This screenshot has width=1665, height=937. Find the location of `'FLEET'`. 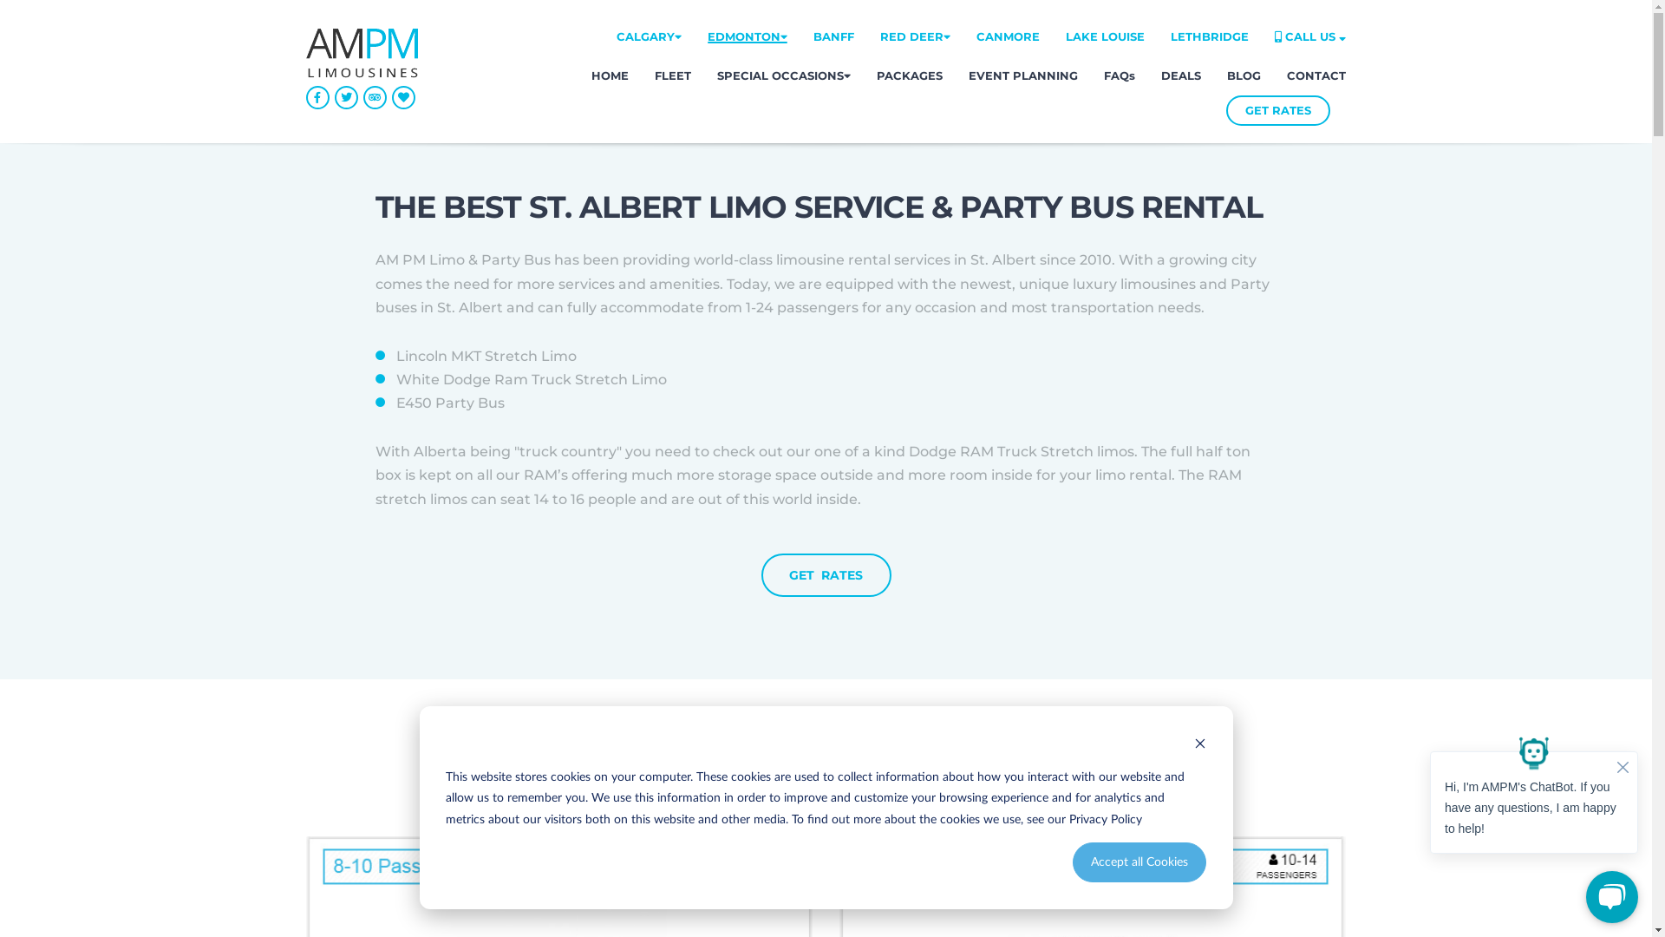

'FLEET' is located at coordinates (672, 75).